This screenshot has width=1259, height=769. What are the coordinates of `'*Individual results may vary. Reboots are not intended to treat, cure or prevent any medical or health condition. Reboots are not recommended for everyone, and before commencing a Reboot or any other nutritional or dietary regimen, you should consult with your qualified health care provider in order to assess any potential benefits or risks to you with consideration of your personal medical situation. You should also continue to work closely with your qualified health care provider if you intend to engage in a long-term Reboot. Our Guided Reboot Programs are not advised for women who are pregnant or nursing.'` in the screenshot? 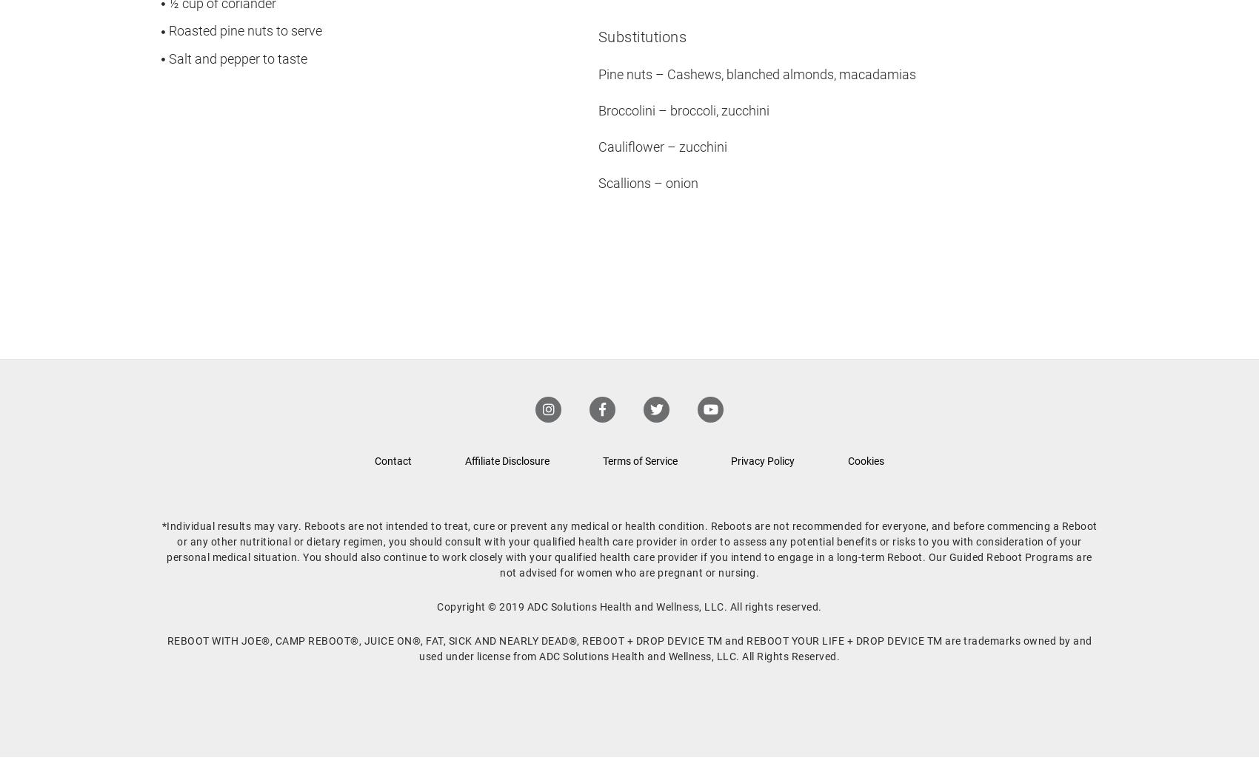 It's located at (628, 548).